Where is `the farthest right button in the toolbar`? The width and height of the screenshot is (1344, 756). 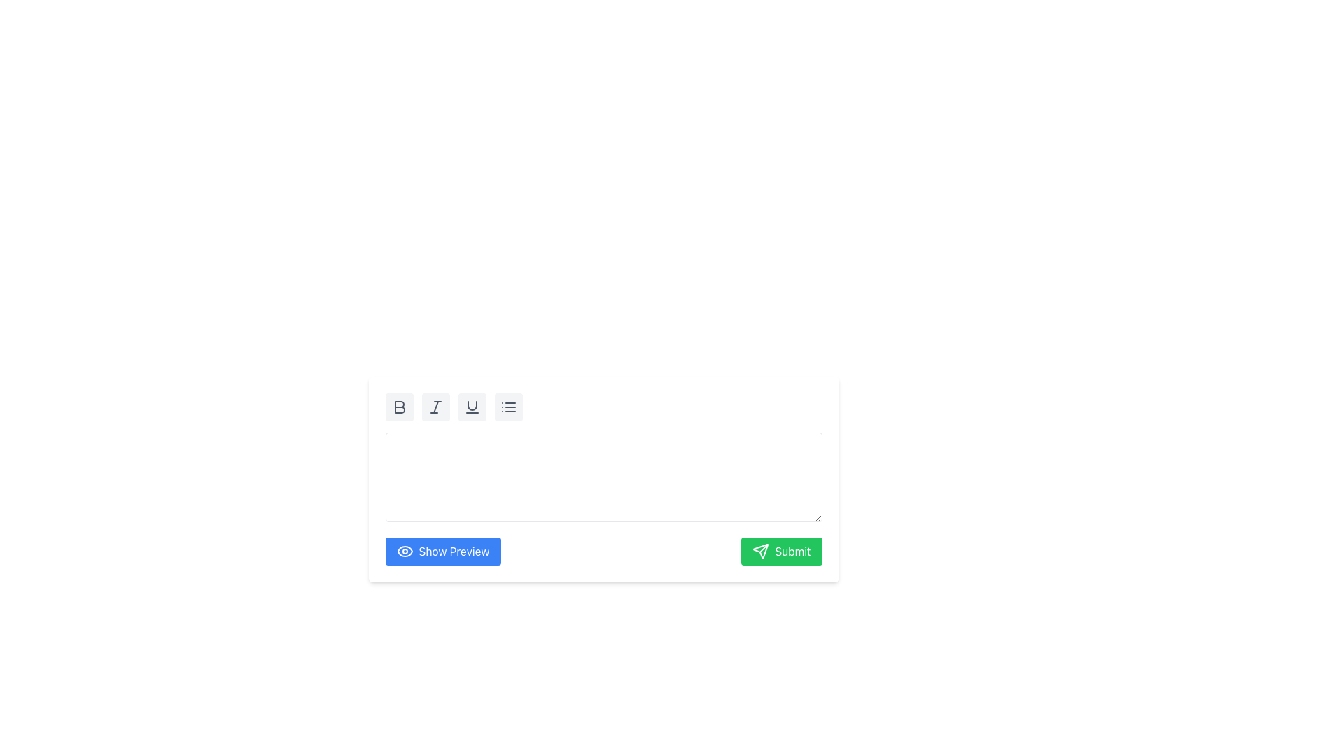
the farthest right button in the toolbar is located at coordinates (507, 407).